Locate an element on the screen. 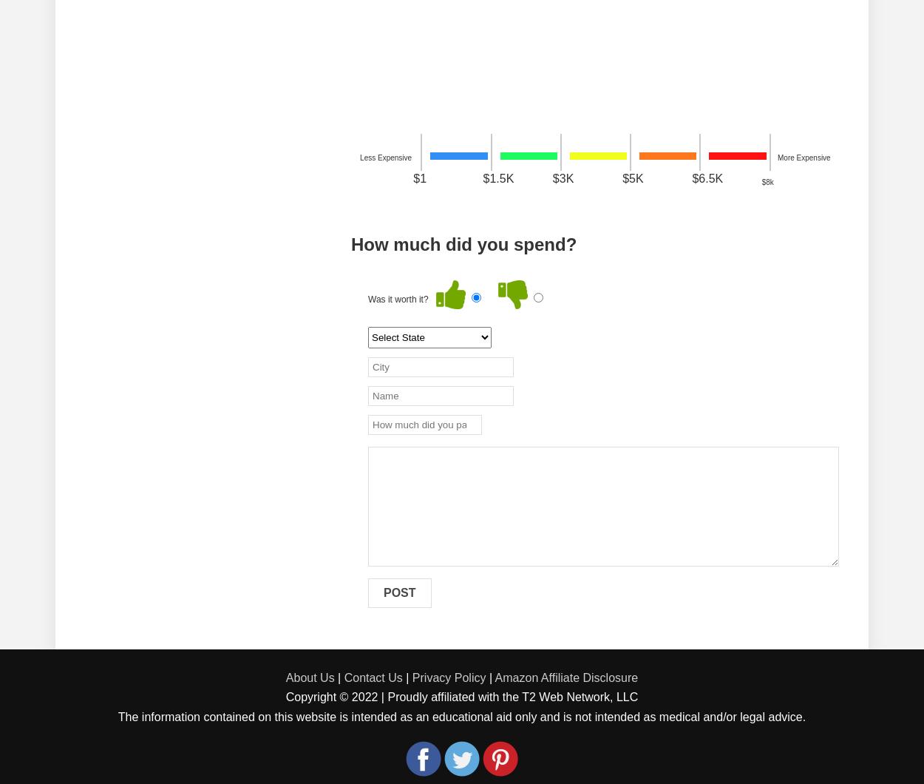  '$6.5K' is located at coordinates (706, 178).